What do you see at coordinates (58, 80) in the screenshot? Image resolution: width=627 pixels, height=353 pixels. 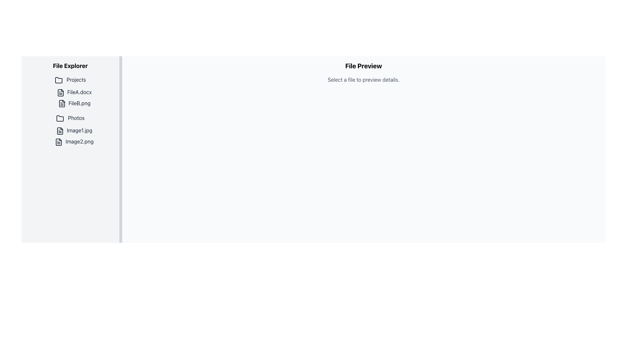 I see `the folder icon, styled in outline format, located beside the text 'Projects'` at bounding box center [58, 80].